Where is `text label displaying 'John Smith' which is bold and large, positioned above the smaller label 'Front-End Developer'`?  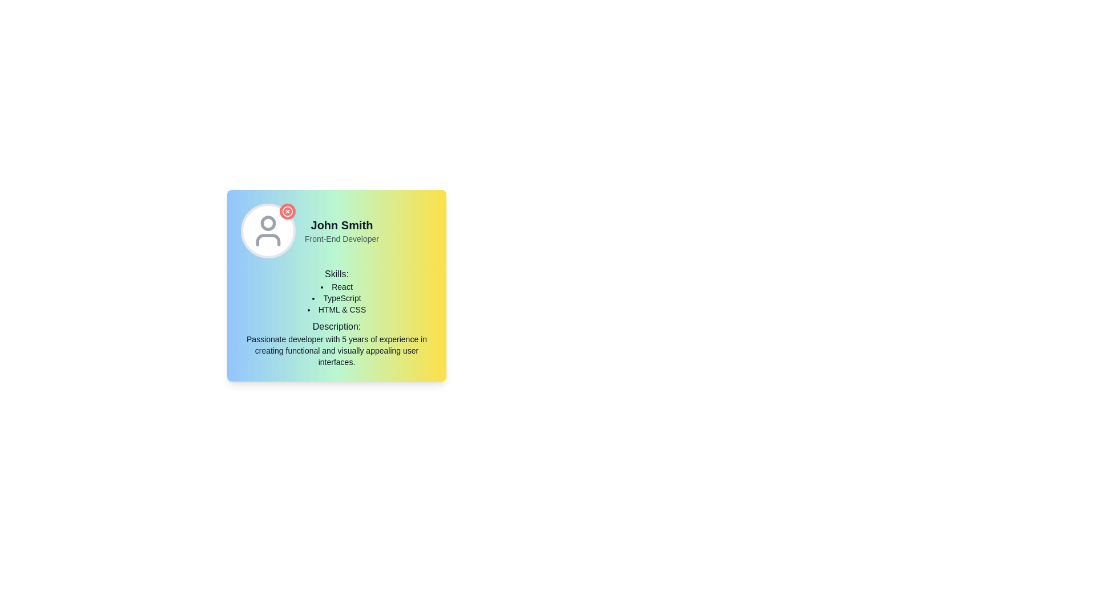
text label displaying 'John Smith' which is bold and large, positioned above the smaller label 'Front-End Developer' is located at coordinates (341, 225).